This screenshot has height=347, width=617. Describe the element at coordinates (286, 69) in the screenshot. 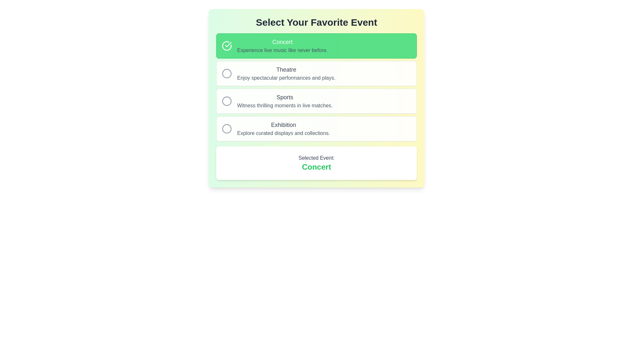

I see `text content of the 'Theatre' label, which is displayed in a bold font style and dark gray color, positioned between the 'Concert' and 'Sports' options` at that location.